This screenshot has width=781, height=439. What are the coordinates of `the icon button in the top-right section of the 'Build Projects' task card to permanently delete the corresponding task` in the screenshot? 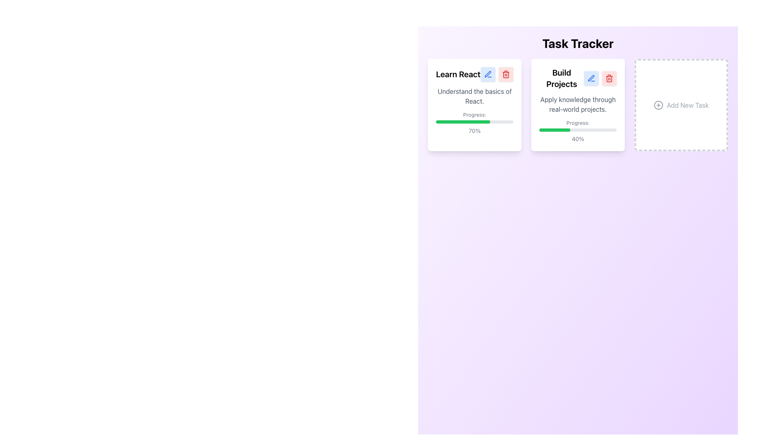 It's located at (609, 78).